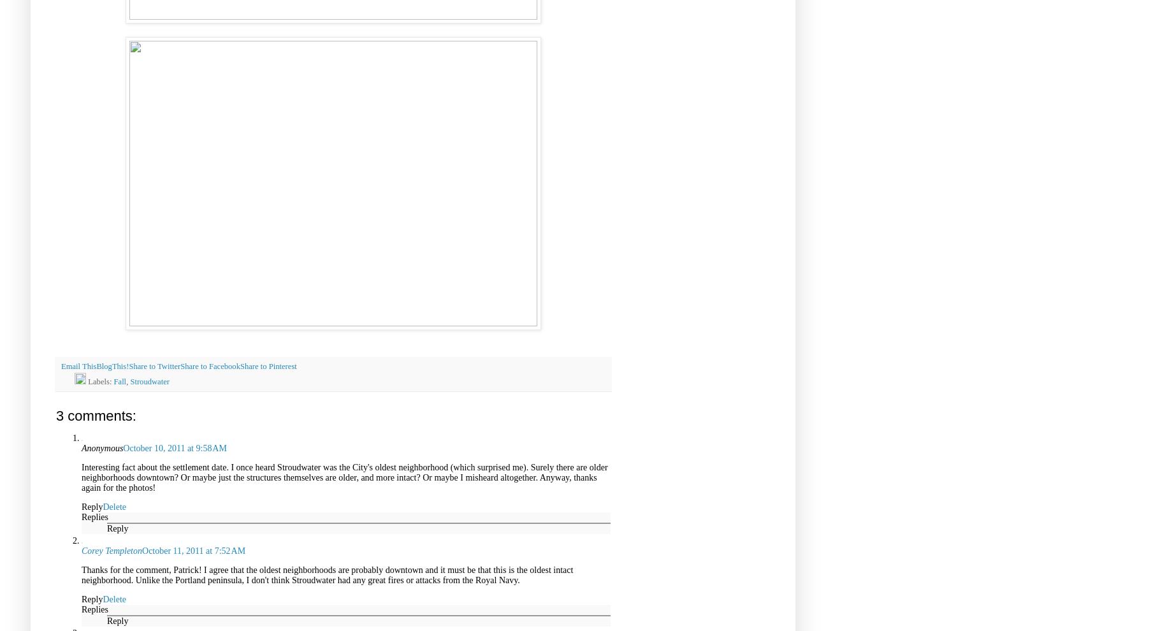  Describe the element at coordinates (174, 447) in the screenshot. I see `'October 10, 2011 at 9:58 AM'` at that location.